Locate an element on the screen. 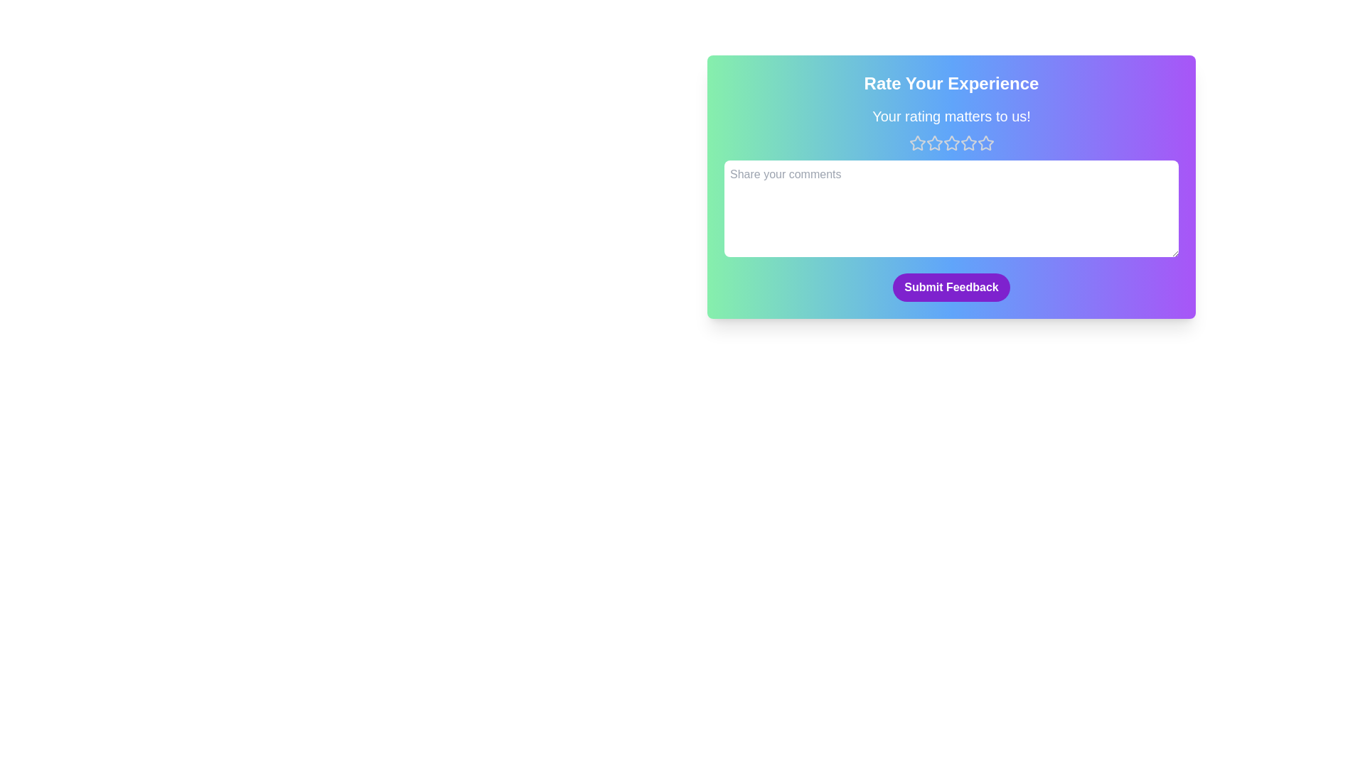 This screenshot has height=767, width=1365. 'Submit Feedback' button to submit the feedback is located at coordinates (951, 288).